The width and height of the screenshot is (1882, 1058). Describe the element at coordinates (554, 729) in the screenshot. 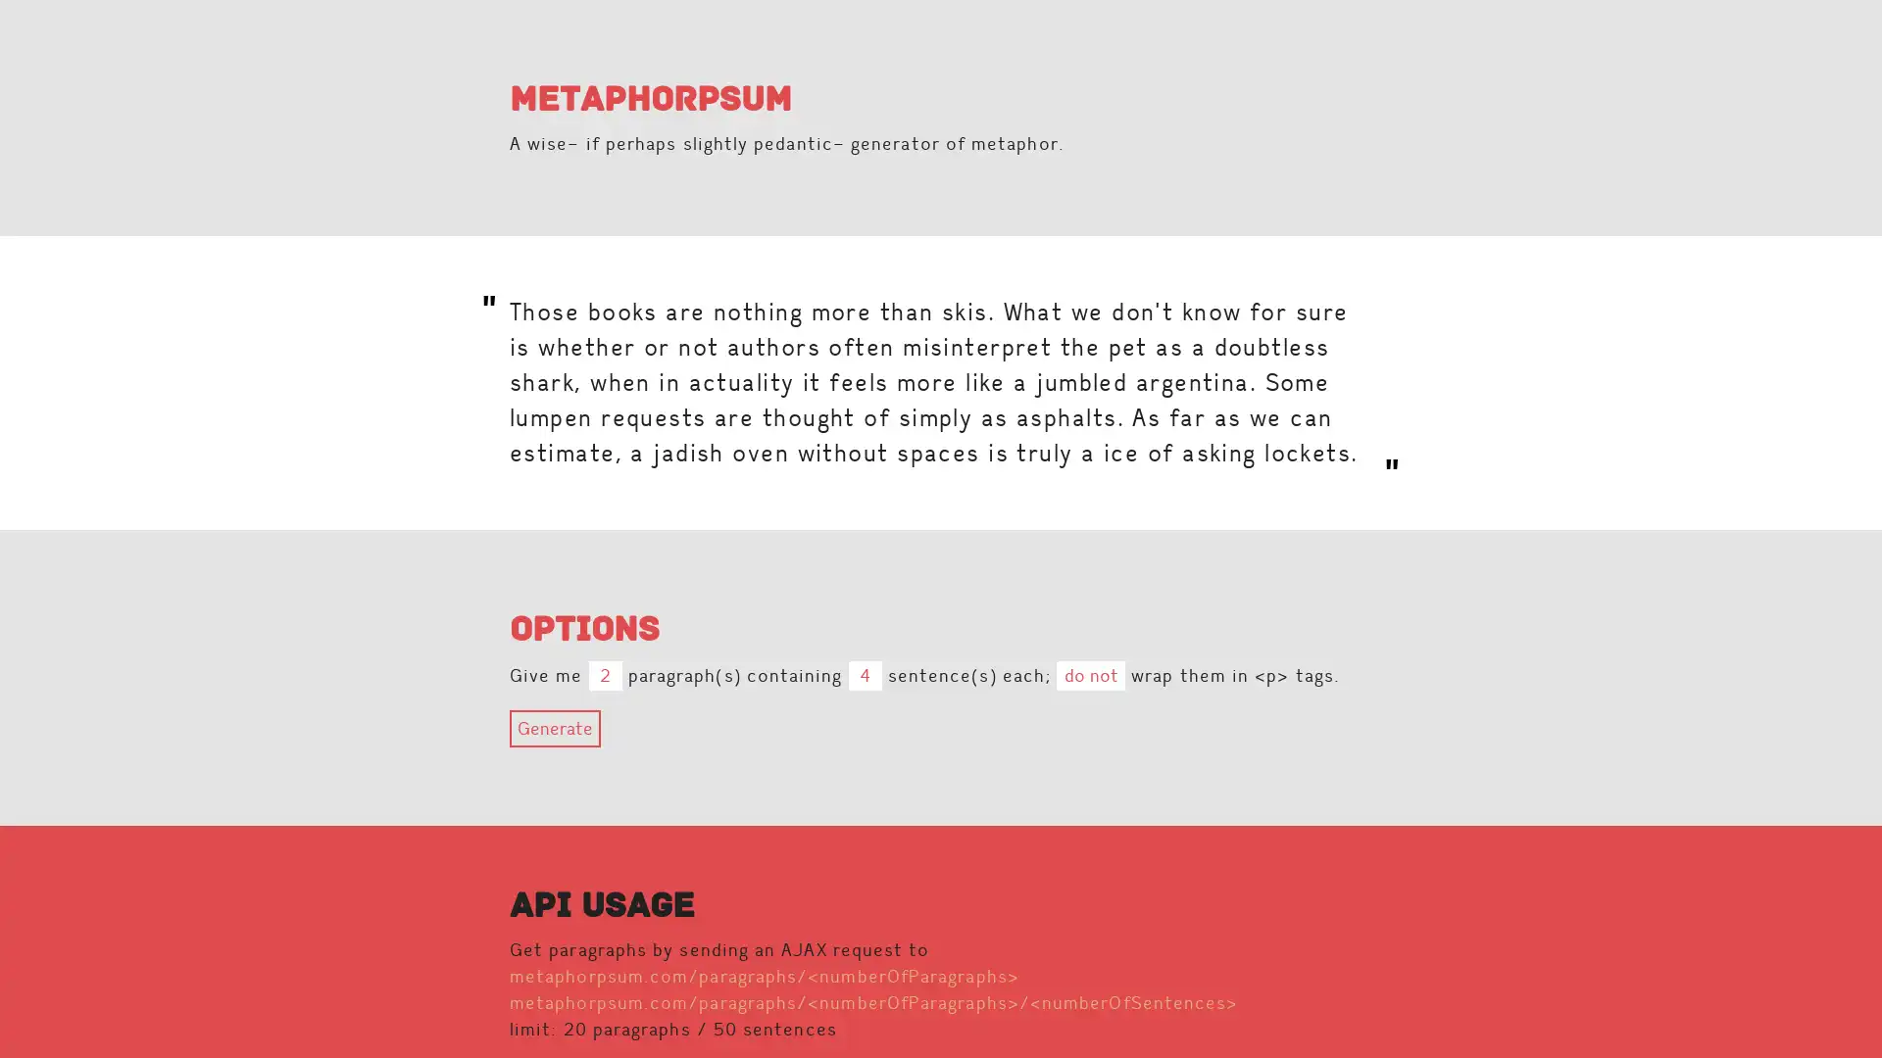

I see `Generate` at that location.